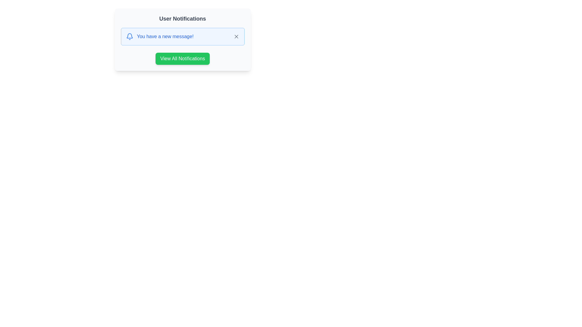 The image size is (582, 327). Describe the element at coordinates (182, 36) in the screenshot. I see `the Notification banner that is styled with a light blue background, a blue border, and contains a bell icon on the left and a gray cross icon on the right, displaying the message 'You have a new message!'` at that location.